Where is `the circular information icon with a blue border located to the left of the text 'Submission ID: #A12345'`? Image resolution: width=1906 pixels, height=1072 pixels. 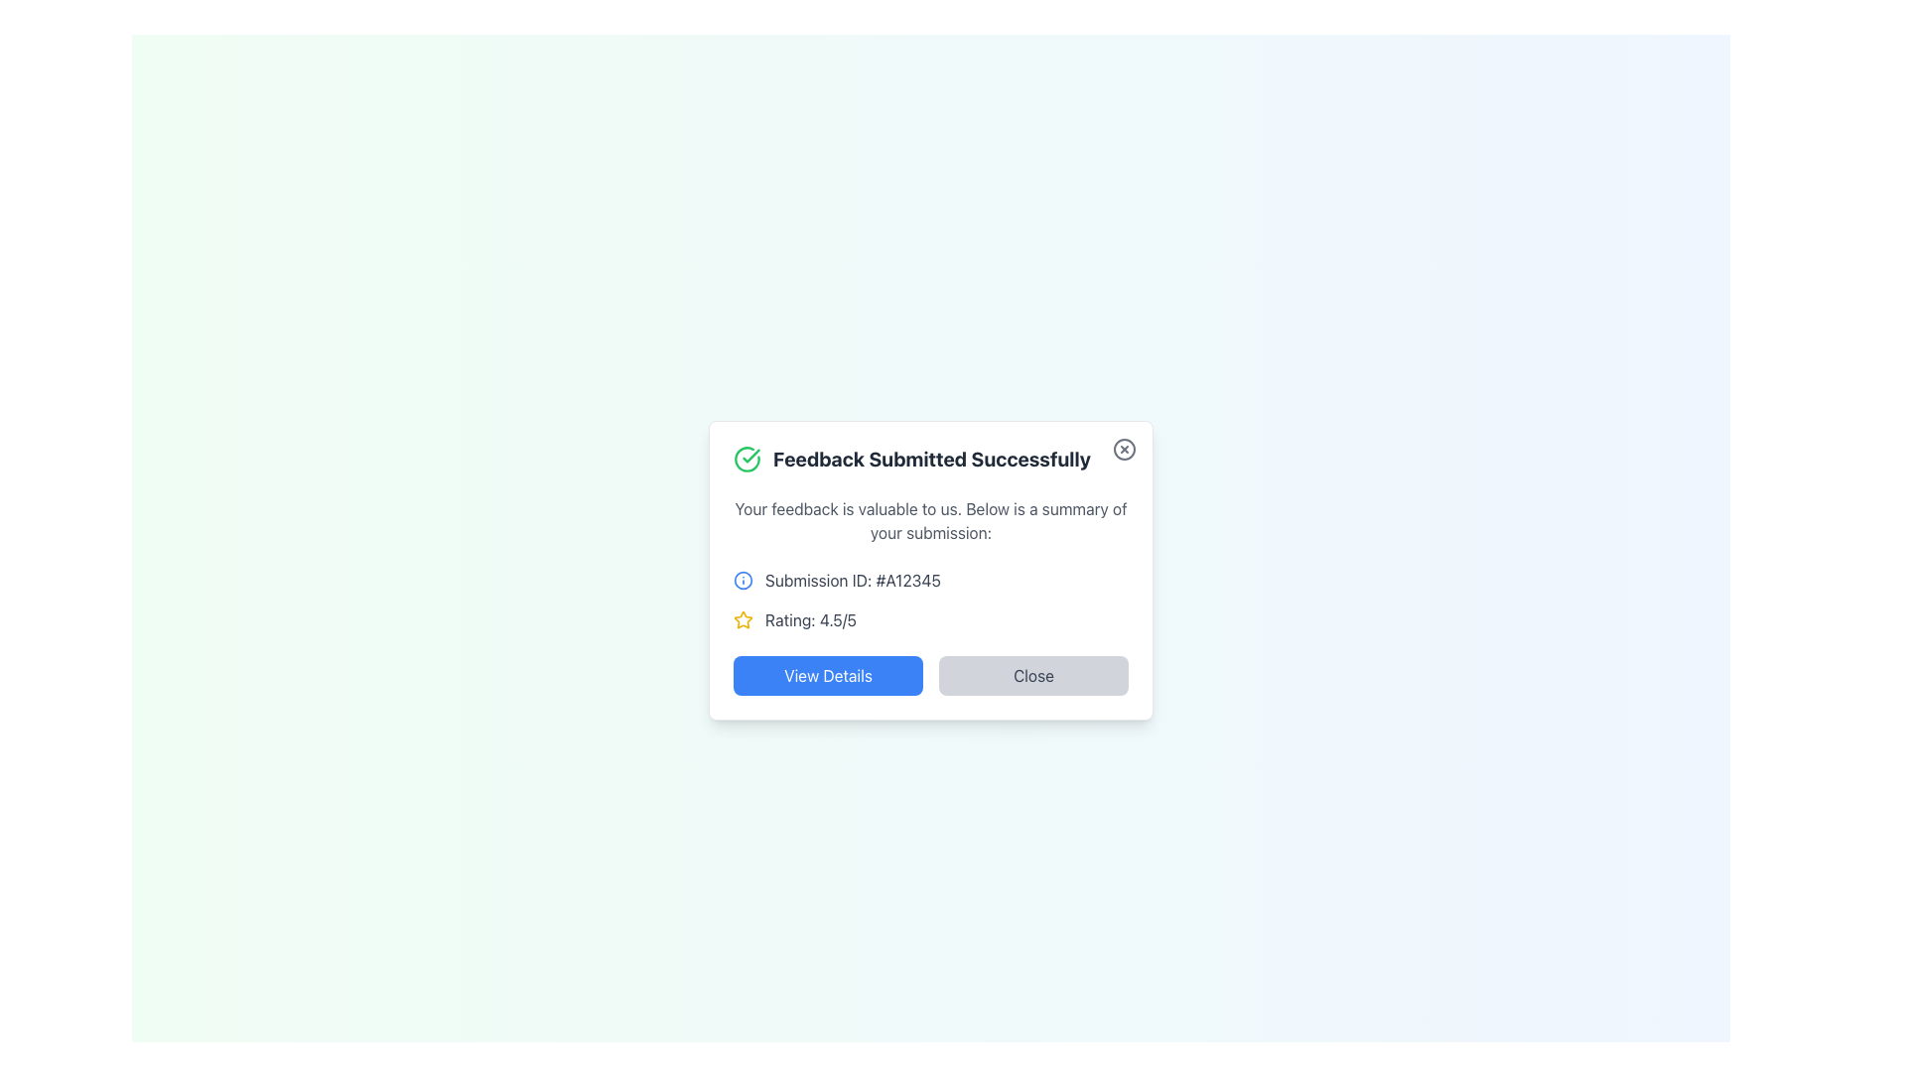 the circular information icon with a blue border located to the left of the text 'Submission ID: #A12345' is located at coordinates (742, 581).